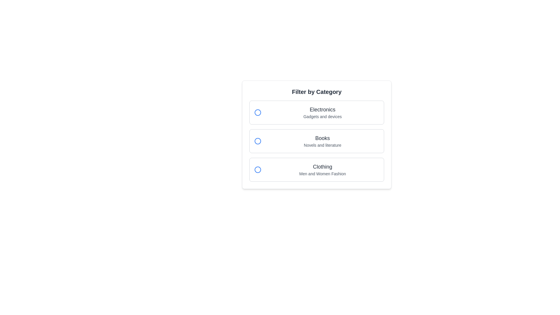 Image resolution: width=560 pixels, height=315 pixels. I want to click on the 'Electronics' label, which is a prominent, medium-large bold text in dark gray, located at the top of the selectable category options, so click(322, 109).